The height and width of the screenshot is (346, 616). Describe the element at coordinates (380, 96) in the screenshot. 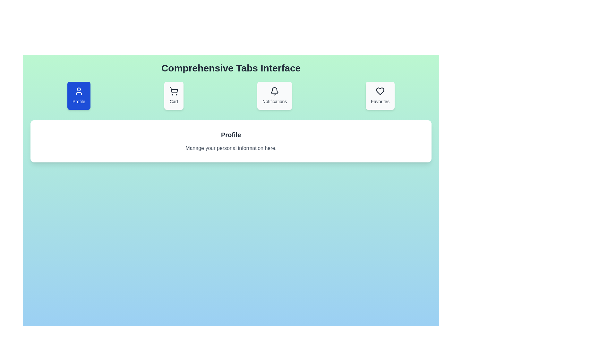

I see `the 'Favorites' button, which is the fourth button in a row following 'Profile', 'Cart', and 'Notifications'` at that location.